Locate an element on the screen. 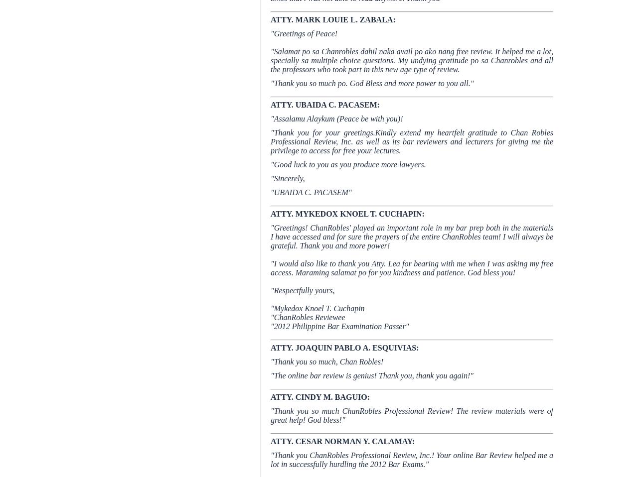  '"UBAIDA C. PACASEM"' is located at coordinates (311, 192).